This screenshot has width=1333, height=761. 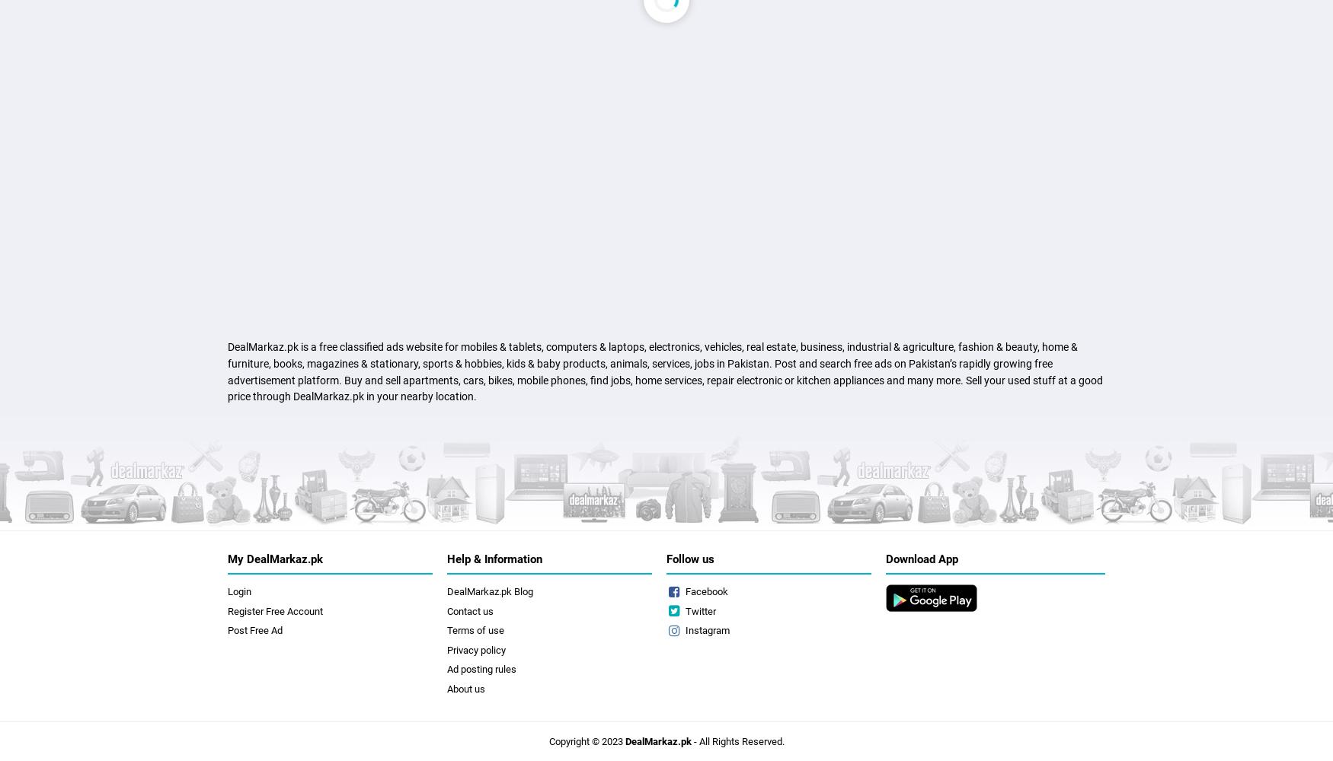 I want to click on 'DealMarkaz.pk Blog', so click(x=489, y=591).